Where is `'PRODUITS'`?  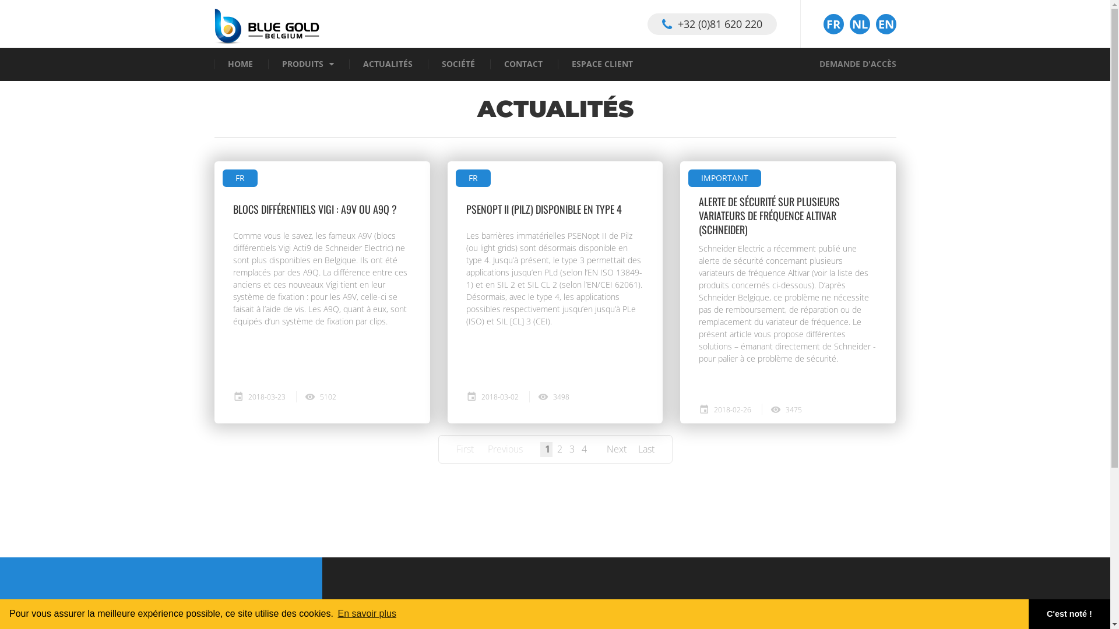 'PRODUITS' is located at coordinates (302, 64).